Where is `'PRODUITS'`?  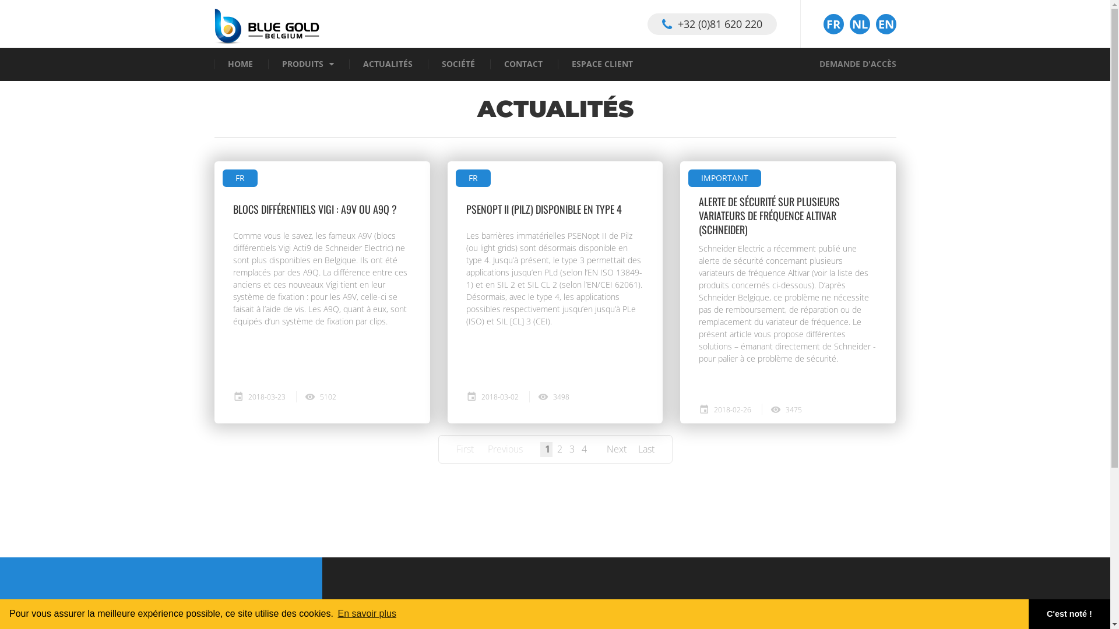 'PRODUITS' is located at coordinates (302, 64).